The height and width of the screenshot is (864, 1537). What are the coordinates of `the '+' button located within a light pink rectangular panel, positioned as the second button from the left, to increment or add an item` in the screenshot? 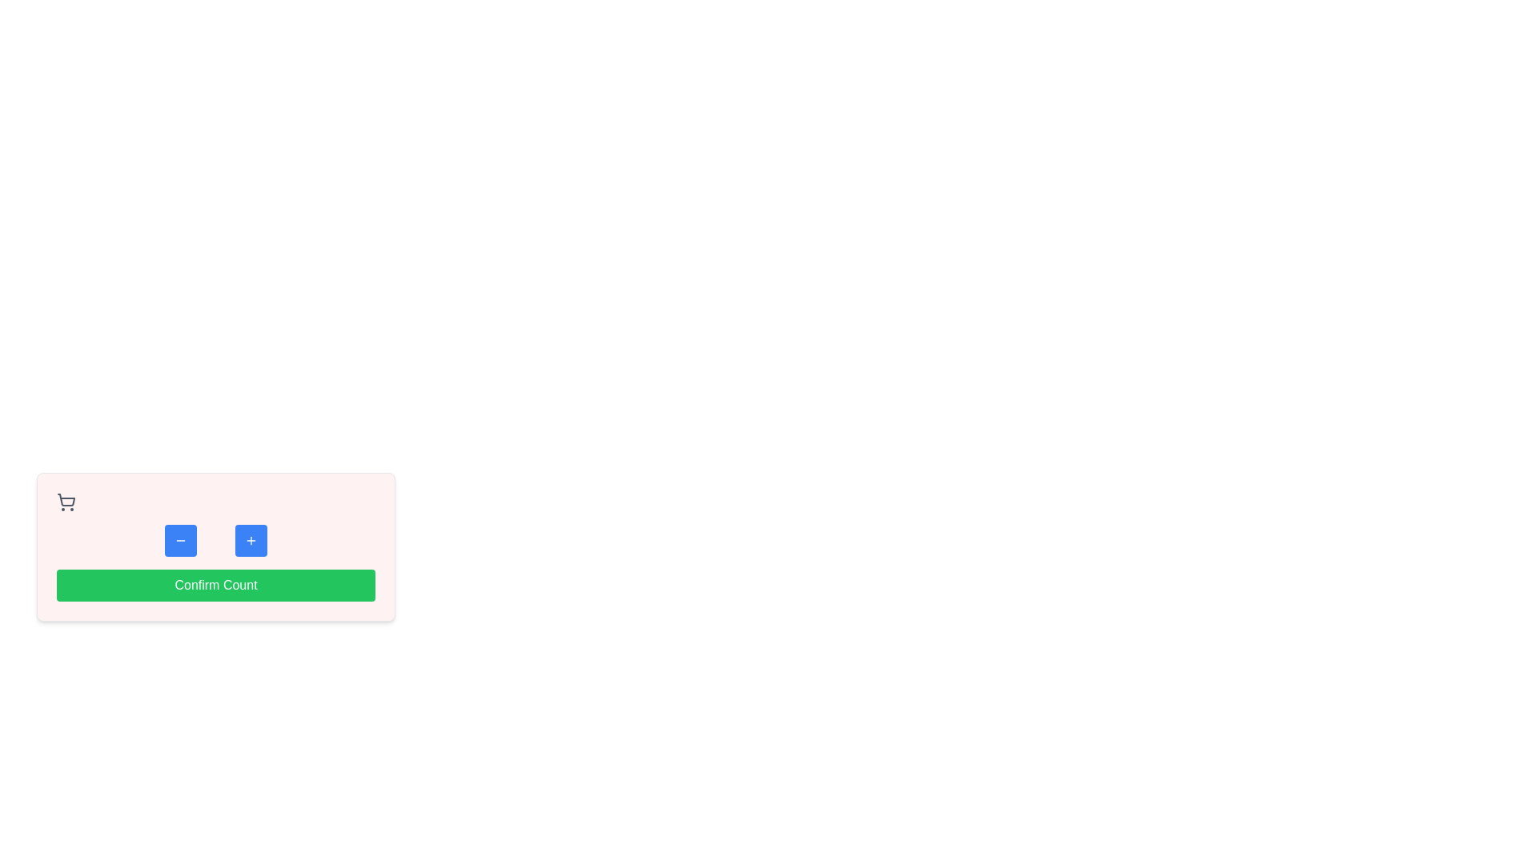 It's located at (250, 540).